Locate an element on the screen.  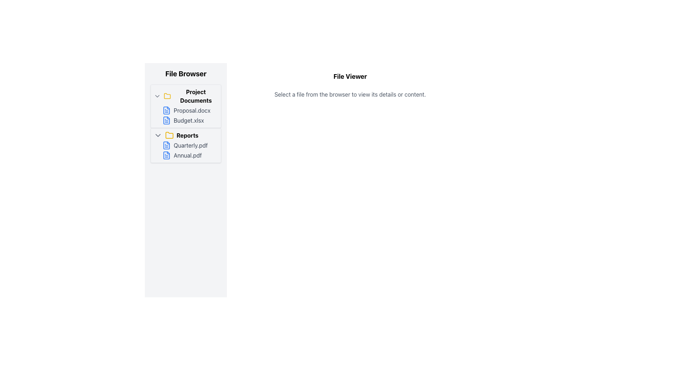
the document icon located next to the label 'Proposal.docx' in the 'File Browser' section is located at coordinates (166, 110).